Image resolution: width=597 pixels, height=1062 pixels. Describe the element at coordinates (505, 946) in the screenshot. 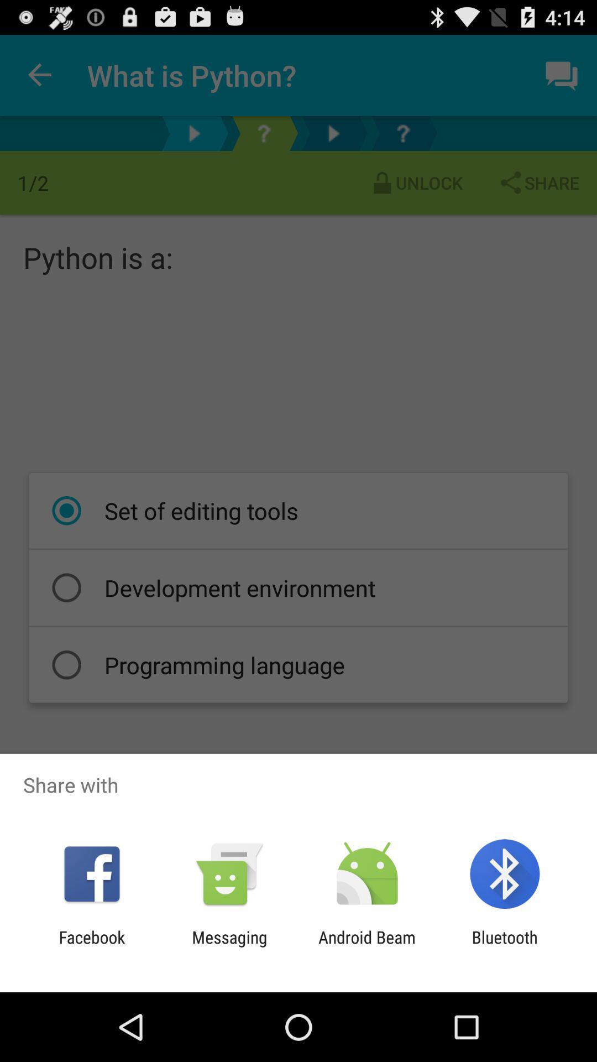

I see `the bluetooth app` at that location.